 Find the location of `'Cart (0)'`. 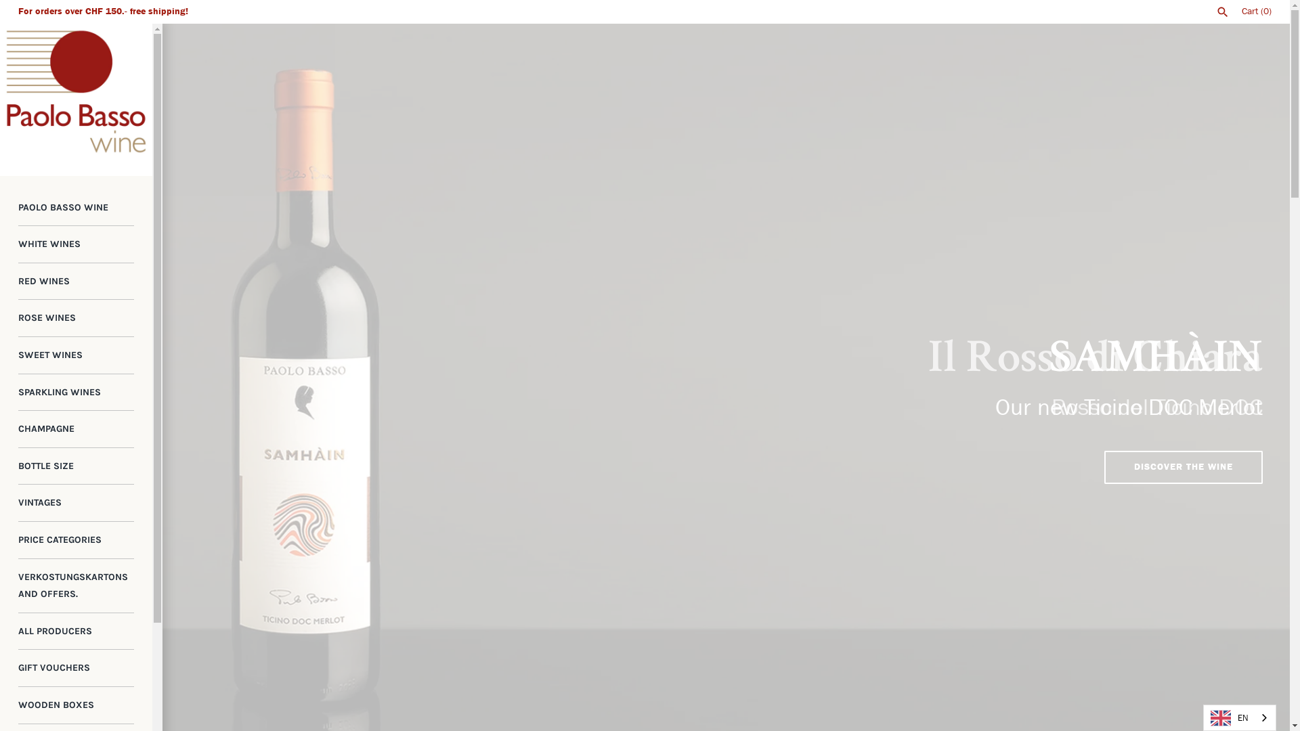

'Cart (0)' is located at coordinates (1256, 11).